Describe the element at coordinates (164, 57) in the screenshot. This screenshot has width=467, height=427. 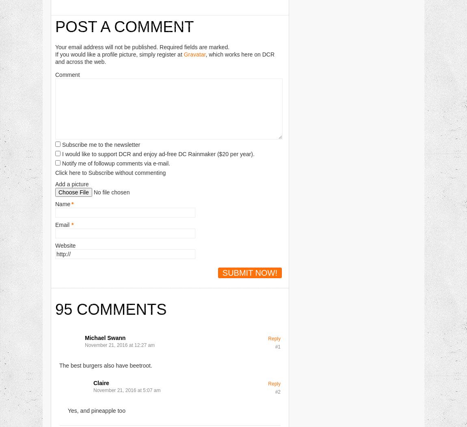
I see `', which works here on DCR and across the web.'` at that location.